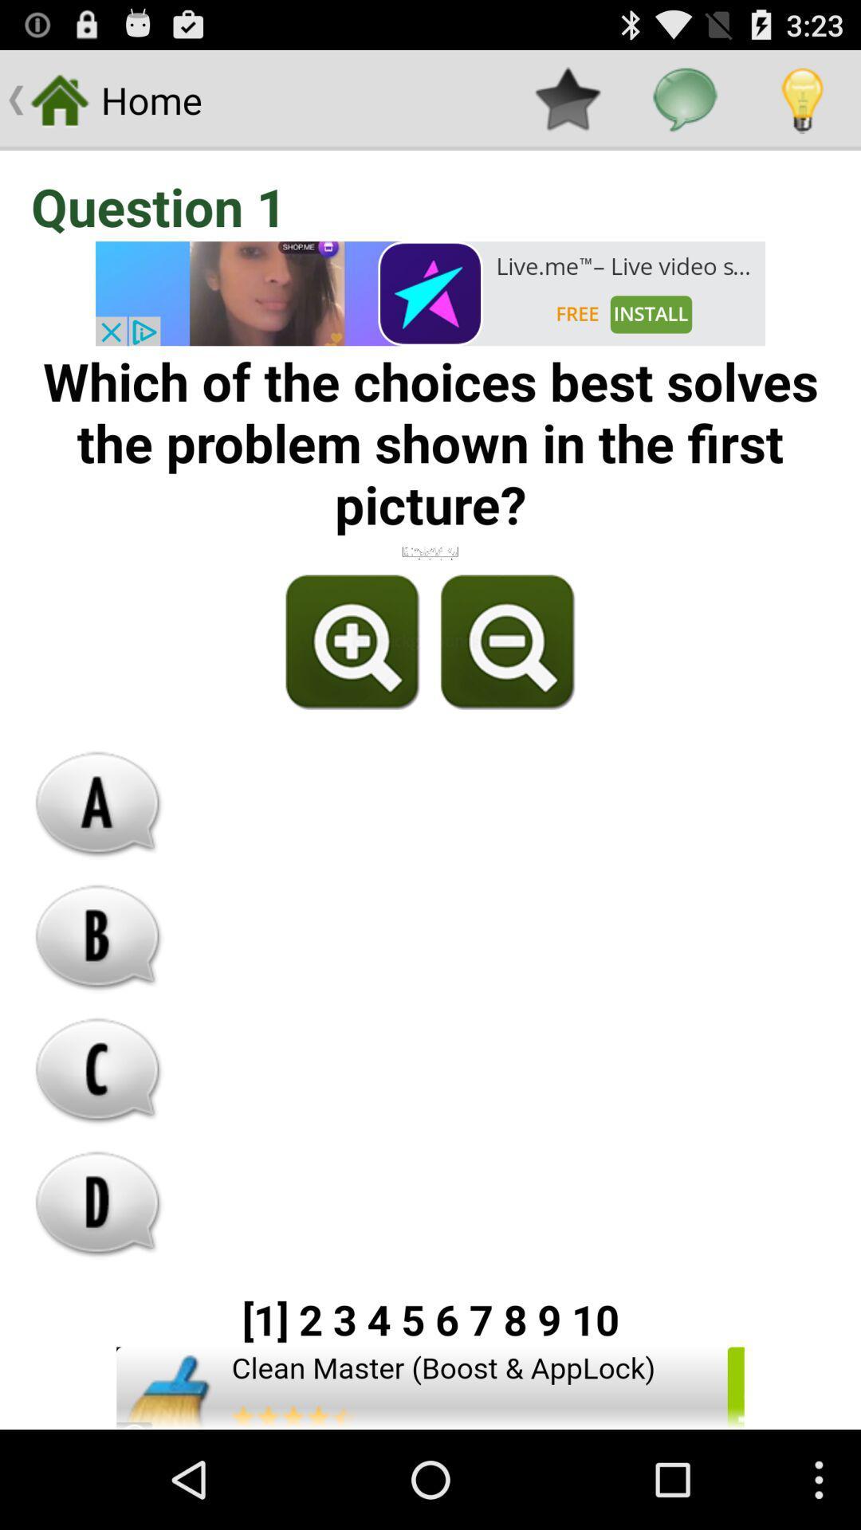 This screenshot has height=1530, width=861. I want to click on the yellow colored icon at the top right corner, so click(802, 99).